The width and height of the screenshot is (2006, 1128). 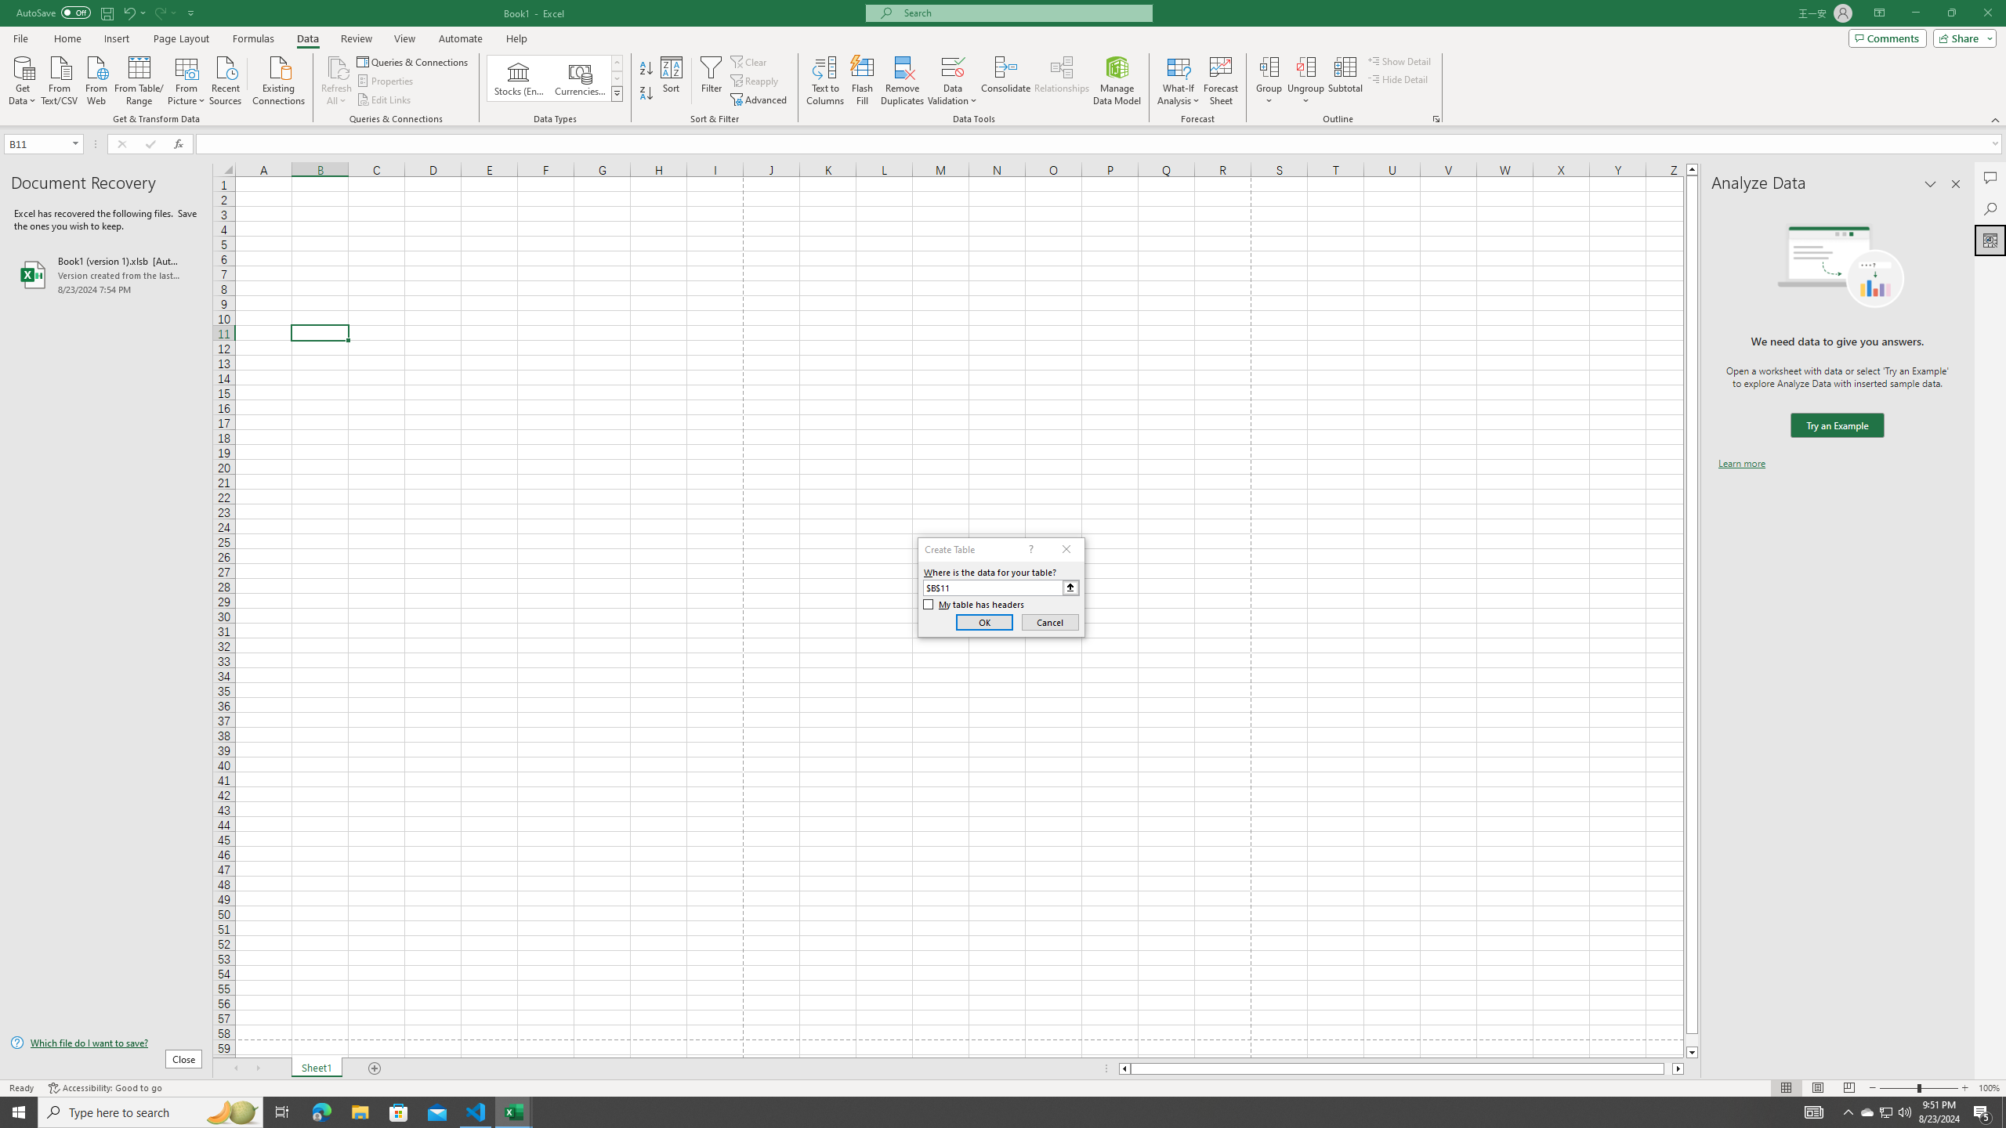 What do you see at coordinates (22, 78) in the screenshot?
I see `'Get Data'` at bounding box center [22, 78].